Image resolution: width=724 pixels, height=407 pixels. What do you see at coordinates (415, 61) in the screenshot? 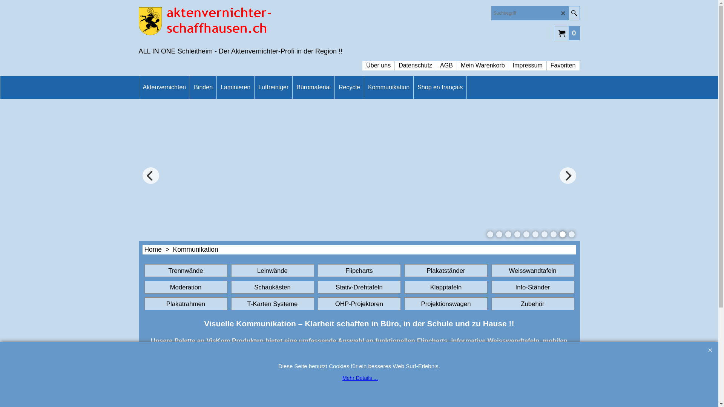
I see `'Datenschutz'` at bounding box center [415, 61].